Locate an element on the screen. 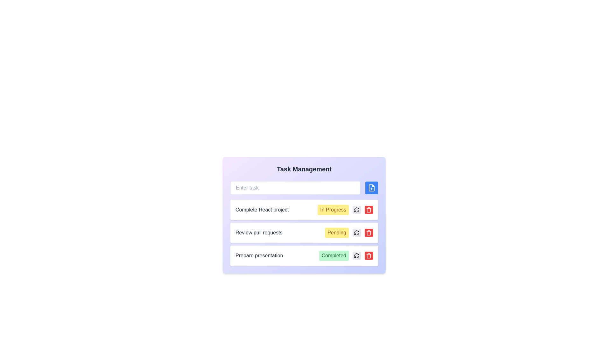  the trash can body icon is located at coordinates (369, 210).